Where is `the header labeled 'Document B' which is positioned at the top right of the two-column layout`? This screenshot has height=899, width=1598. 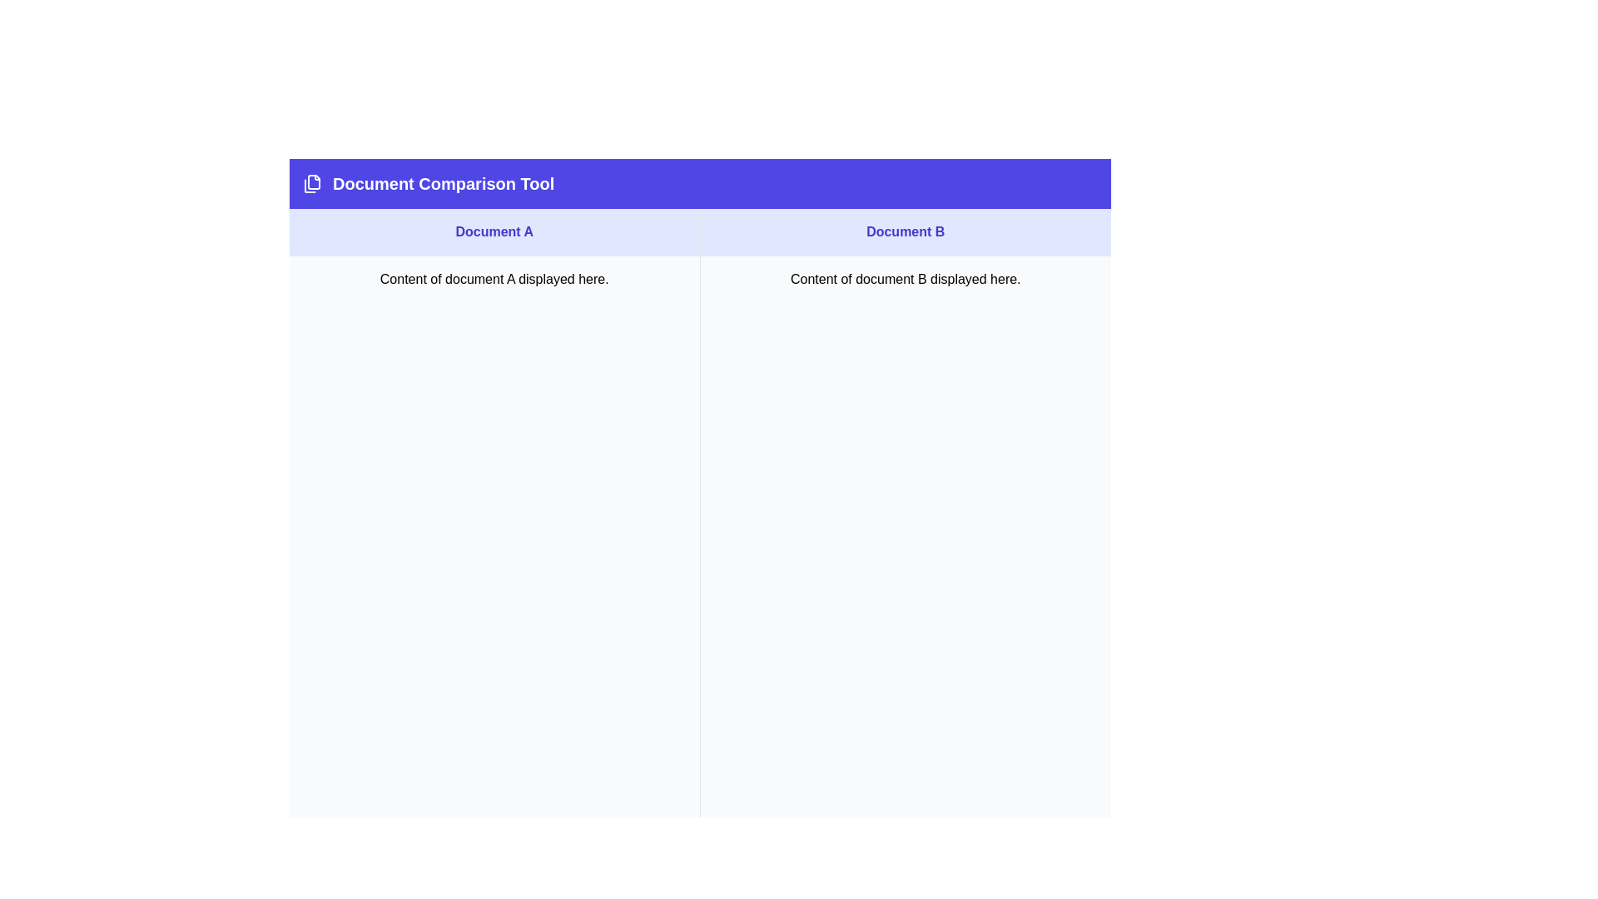 the header labeled 'Document B' which is positioned at the top right of the two-column layout is located at coordinates (905, 232).